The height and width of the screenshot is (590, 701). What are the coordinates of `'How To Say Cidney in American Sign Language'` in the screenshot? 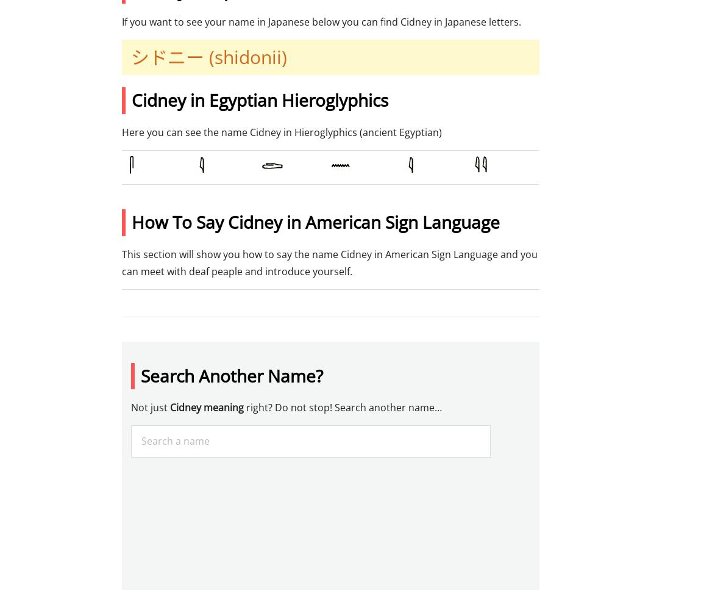 It's located at (315, 221).